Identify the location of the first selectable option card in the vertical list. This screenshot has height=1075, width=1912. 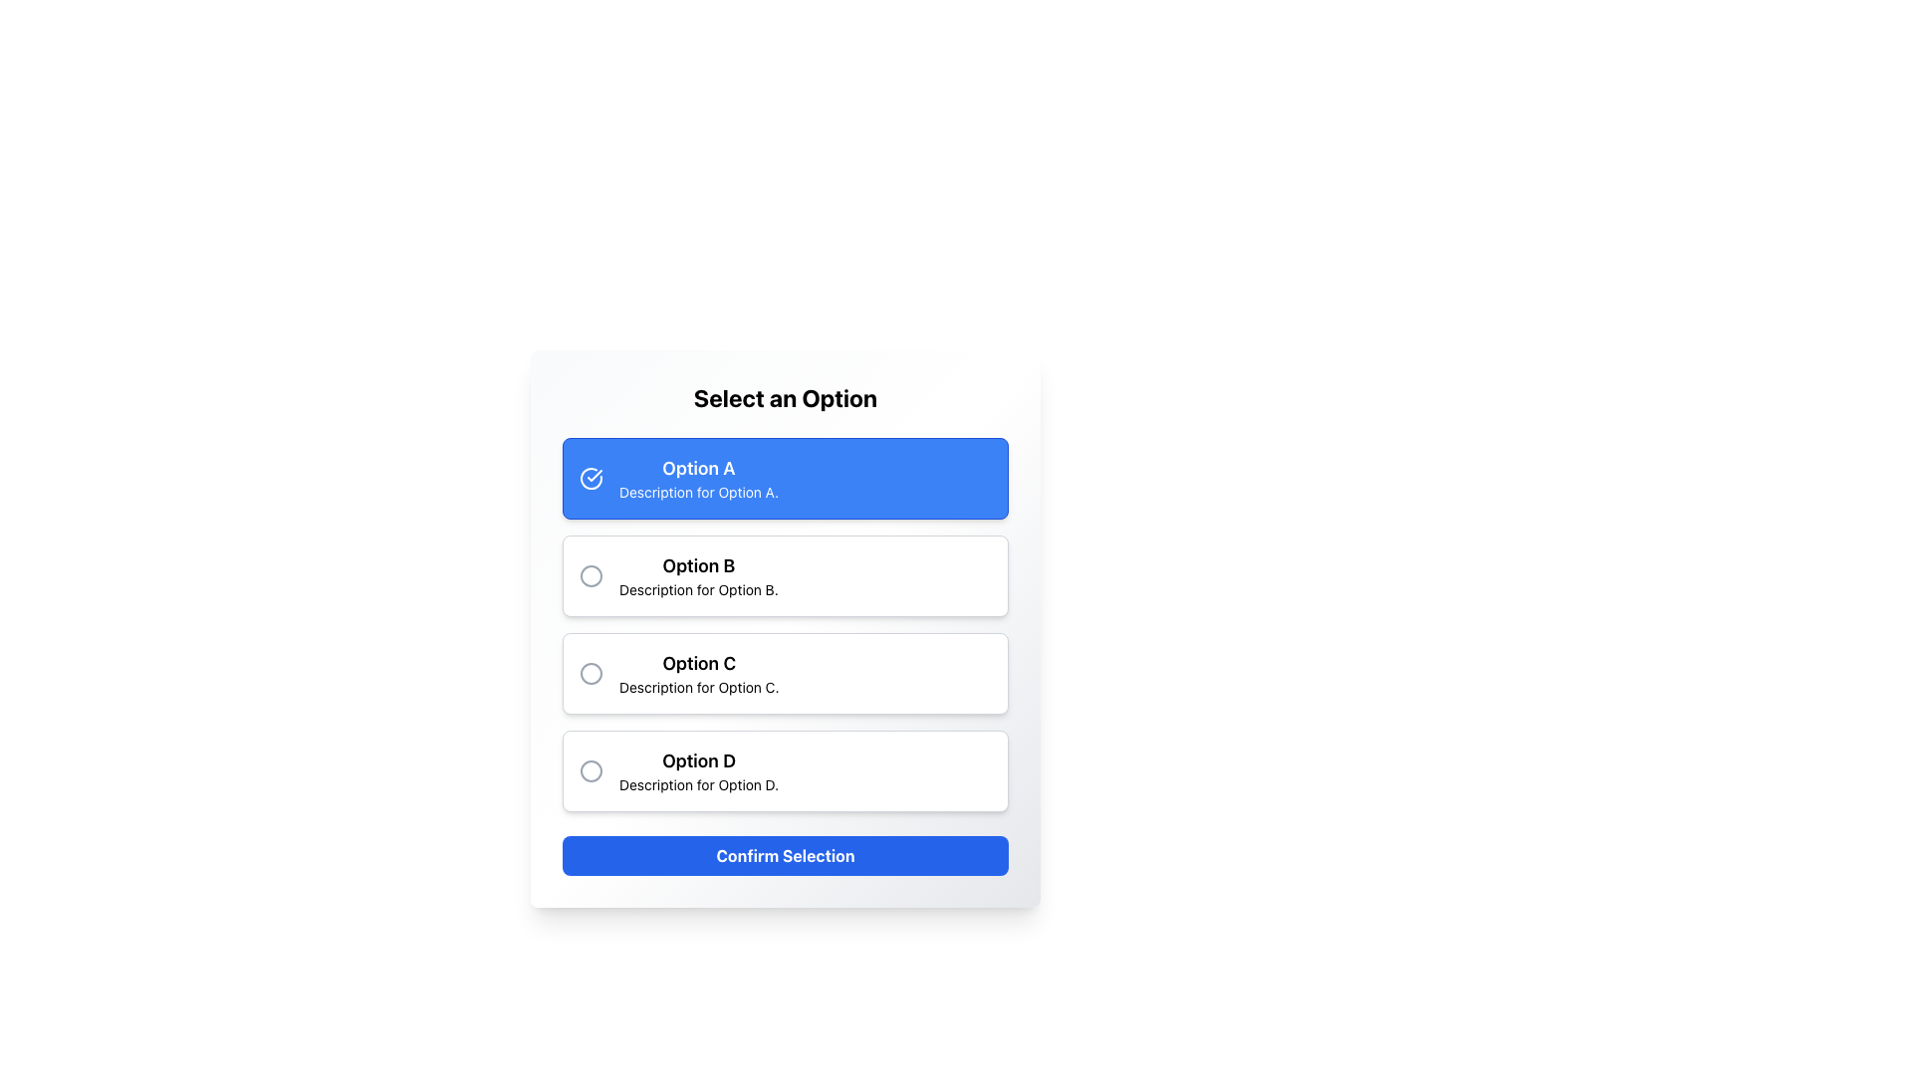
(784, 479).